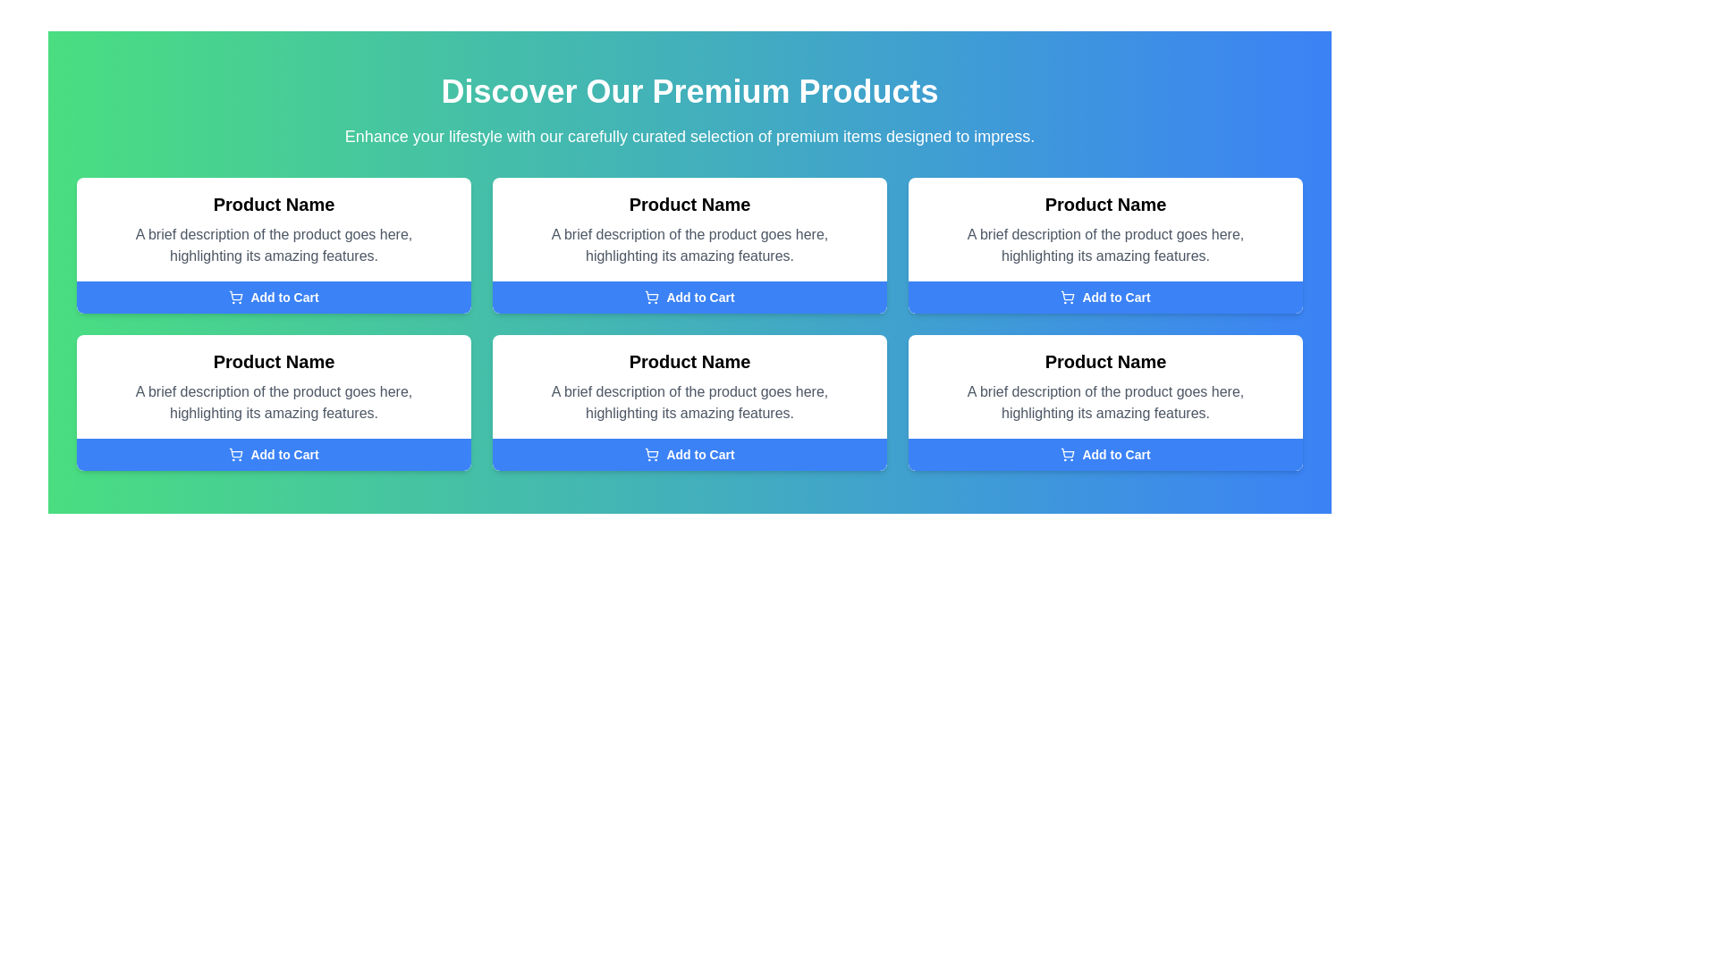  I want to click on text paragraph that says 'Enhance your lifestyle with our carefully curated selection of premium items designed to impress.' located beneath the header 'Discover Our Premium Products', so click(689, 136).